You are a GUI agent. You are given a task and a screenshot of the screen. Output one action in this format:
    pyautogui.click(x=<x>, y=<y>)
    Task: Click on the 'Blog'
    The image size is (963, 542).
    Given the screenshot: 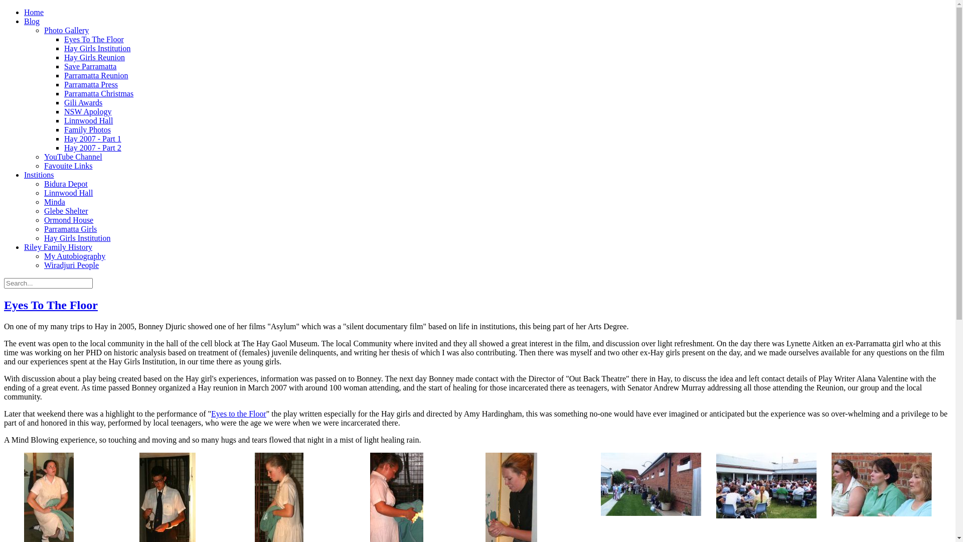 What is the action you would take?
    pyautogui.click(x=32, y=21)
    